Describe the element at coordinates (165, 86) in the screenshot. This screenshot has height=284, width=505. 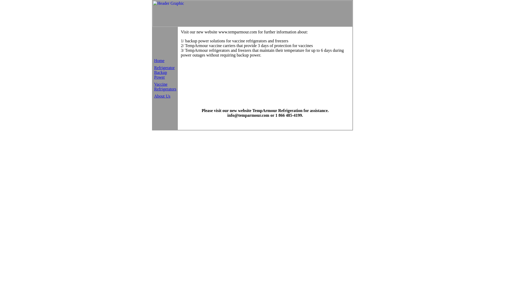
I see `'Vaccine Refrigerators'` at that location.